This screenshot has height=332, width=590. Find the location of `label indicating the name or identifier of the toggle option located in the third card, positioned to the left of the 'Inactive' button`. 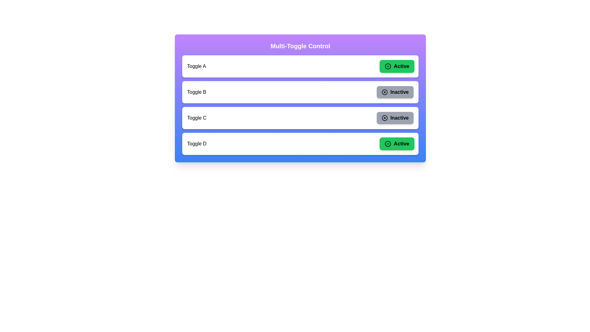

label indicating the name or identifier of the toggle option located in the third card, positioned to the left of the 'Inactive' button is located at coordinates (197, 118).